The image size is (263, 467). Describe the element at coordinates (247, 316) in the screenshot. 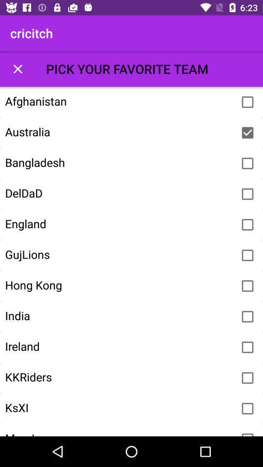

I see `the item` at that location.